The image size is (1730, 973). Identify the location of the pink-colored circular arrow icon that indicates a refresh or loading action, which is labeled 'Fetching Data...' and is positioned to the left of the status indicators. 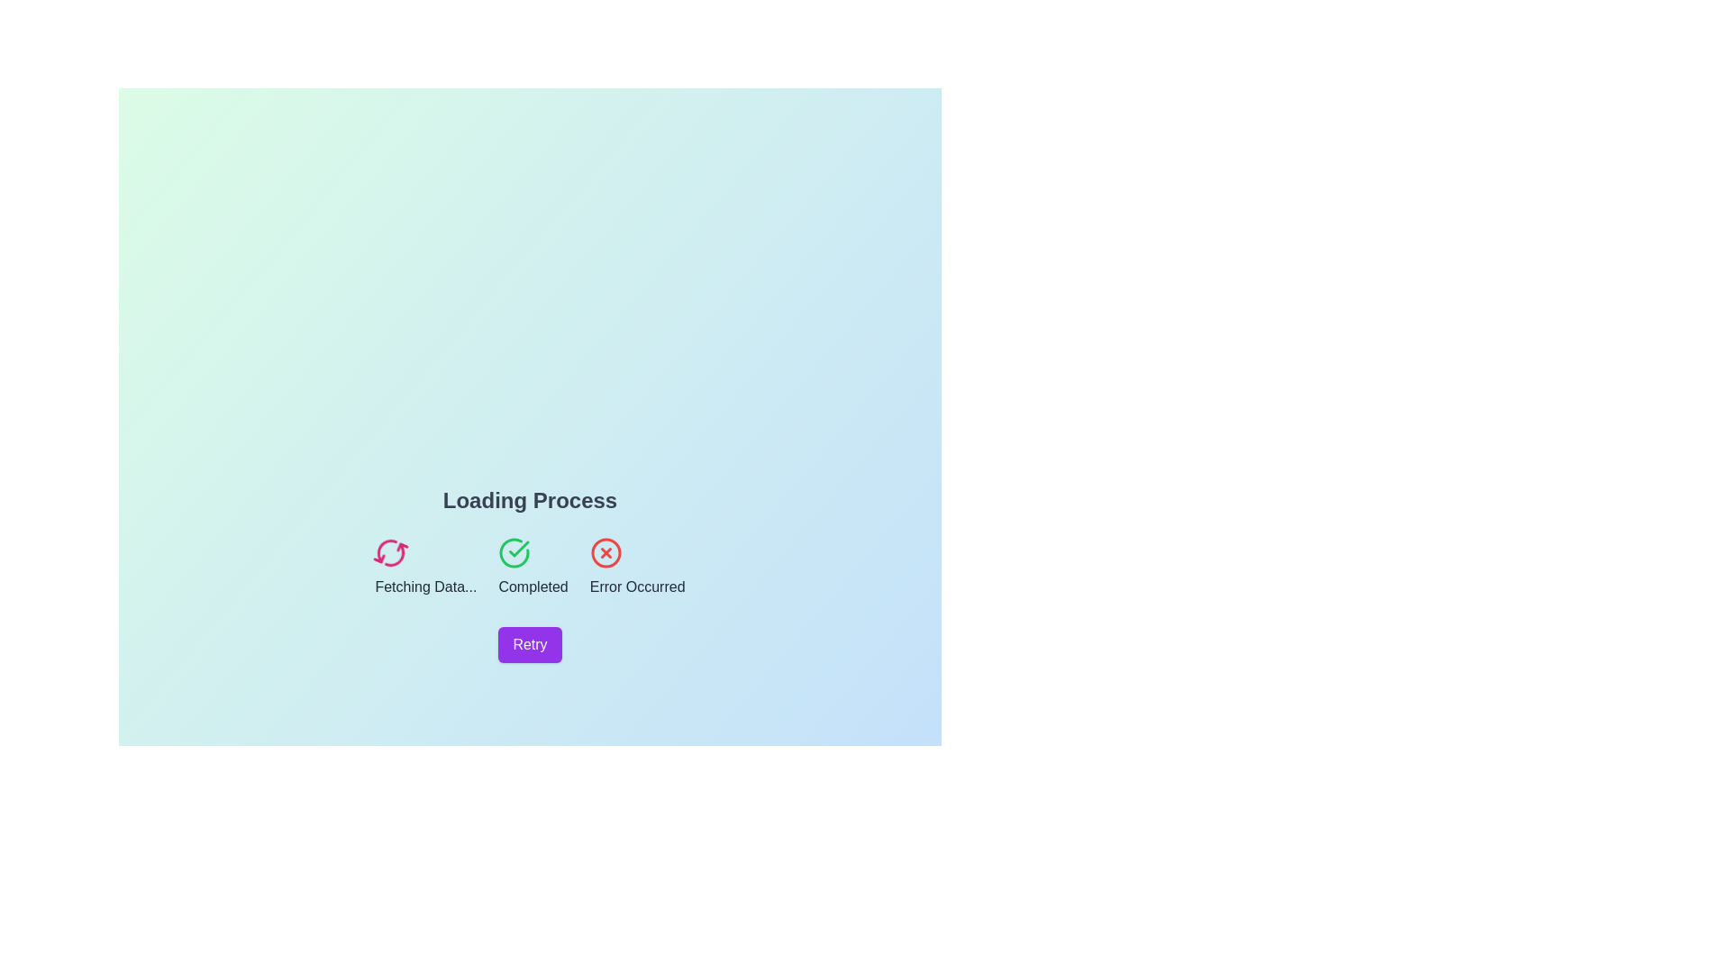
(390, 551).